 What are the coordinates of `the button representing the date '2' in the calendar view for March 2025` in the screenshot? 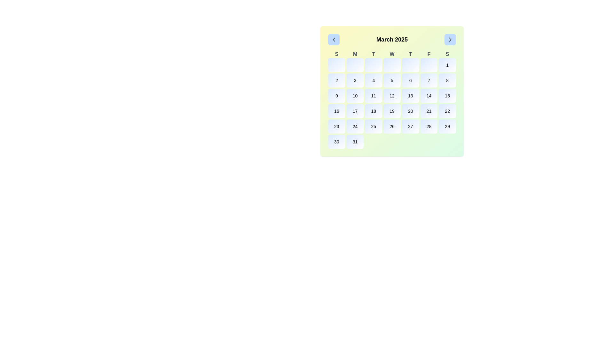 It's located at (336, 80).